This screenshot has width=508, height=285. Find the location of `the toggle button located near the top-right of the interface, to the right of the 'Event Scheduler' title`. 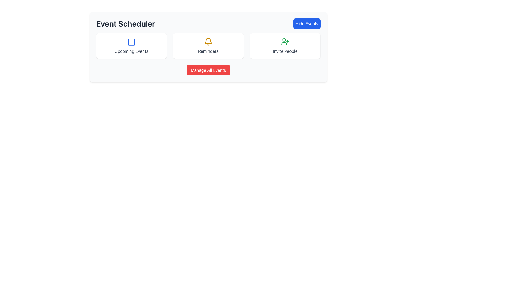

the toggle button located near the top-right of the interface, to the right of the 'Event Scheduler' title is located at coordinates (307, 23).